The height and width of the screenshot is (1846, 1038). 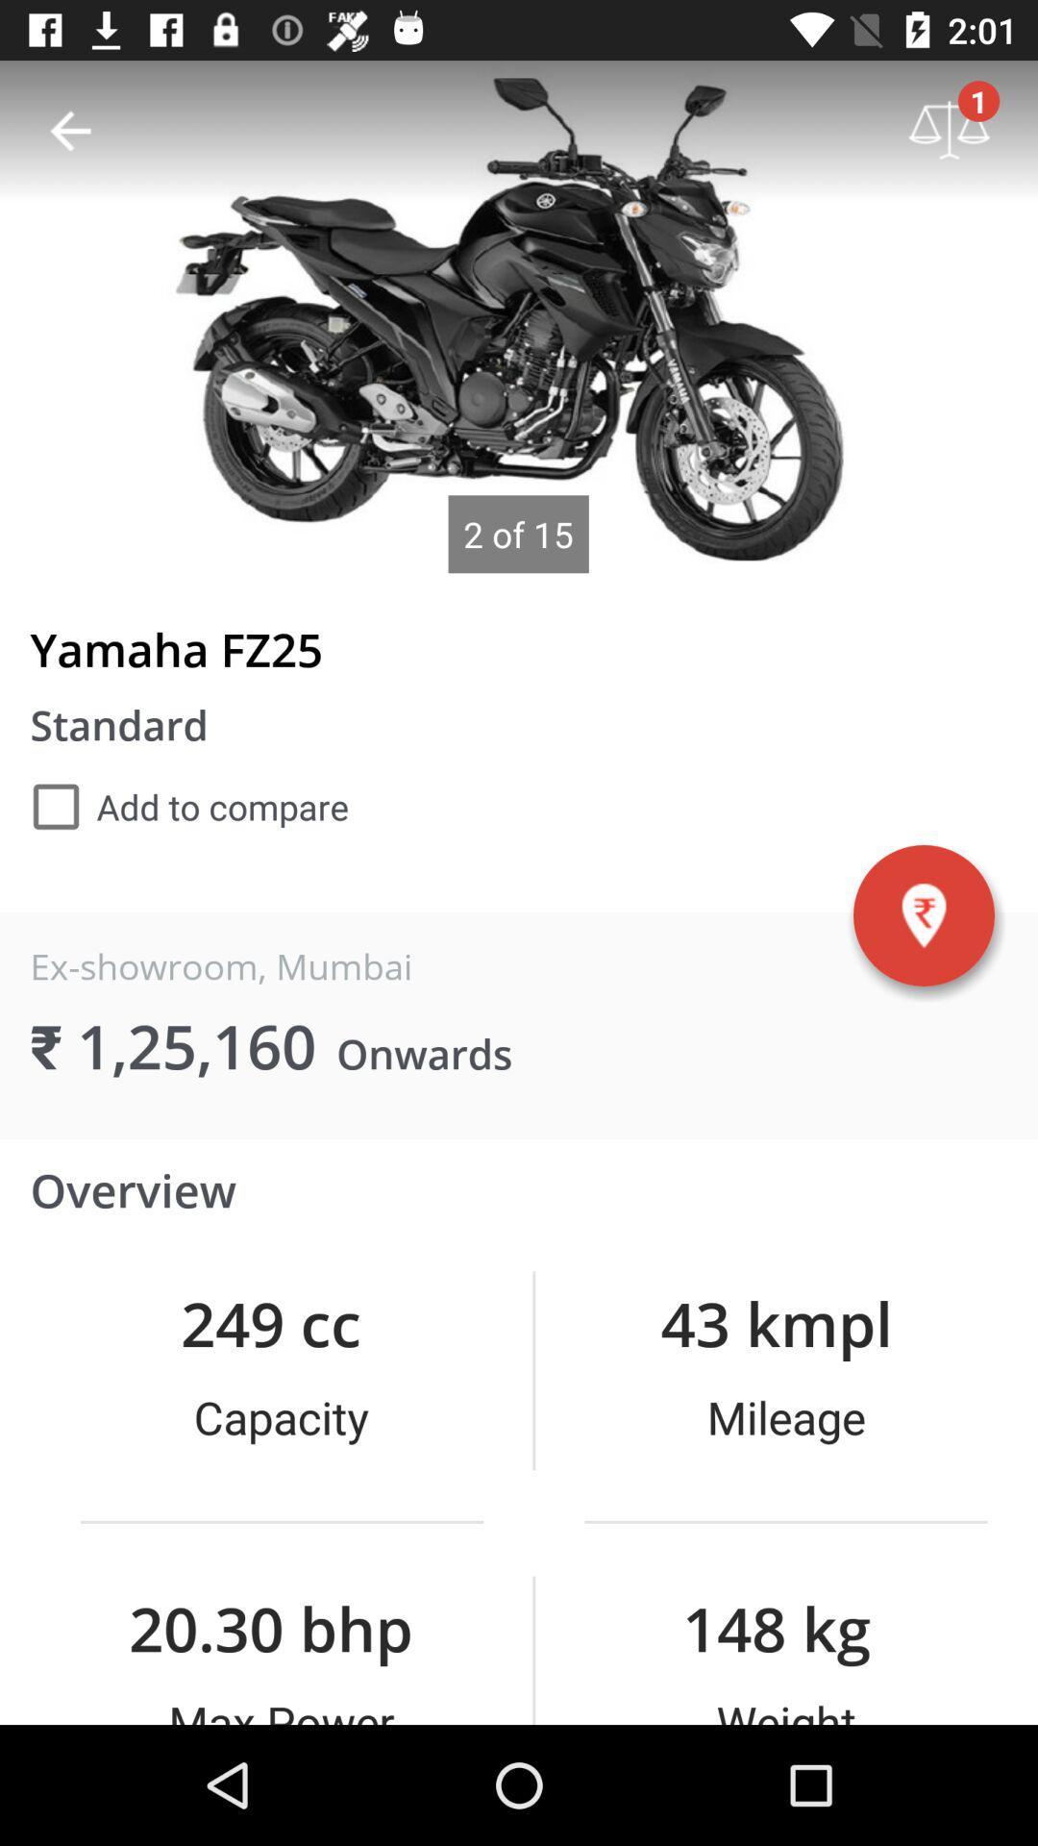 I want to click on the check box below the standard text, so click(x=189, y=807).